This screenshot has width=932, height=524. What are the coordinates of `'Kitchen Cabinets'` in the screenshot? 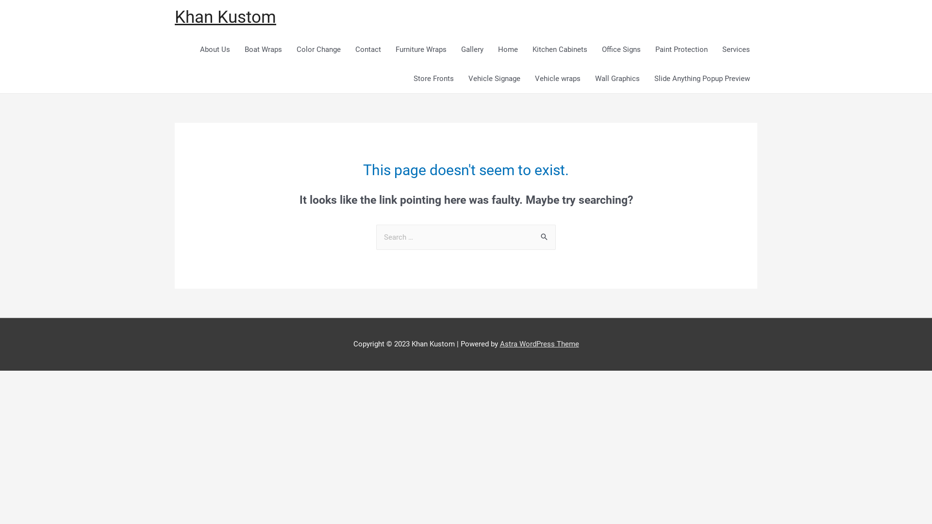 It's located at (560, 49).